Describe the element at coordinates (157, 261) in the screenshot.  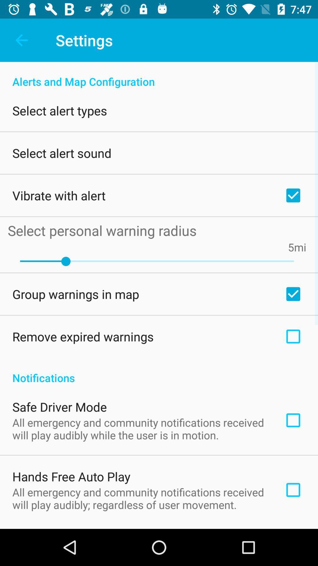
I see `icon below the mi item` at that location.